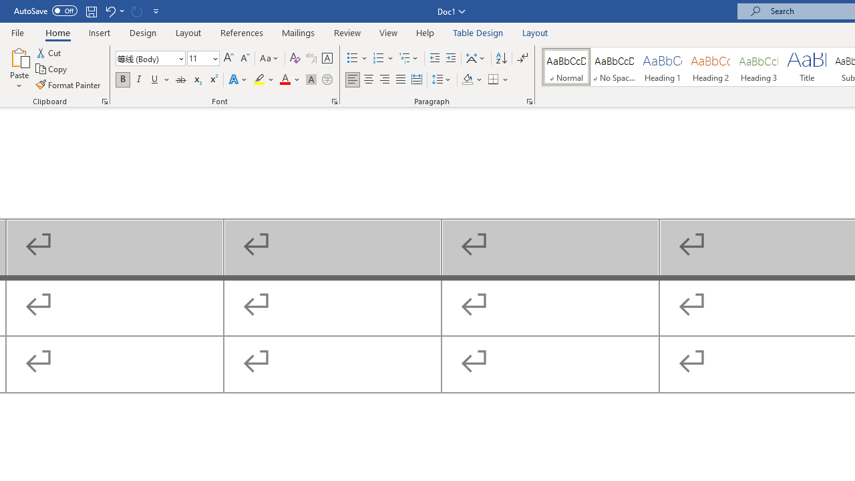 The width and height of the screenshot is (855, 481). What do you see at coordinates (434, 57) in the screenshot?
I see `'Decrease Indent'` at bounding box center [434, 57].